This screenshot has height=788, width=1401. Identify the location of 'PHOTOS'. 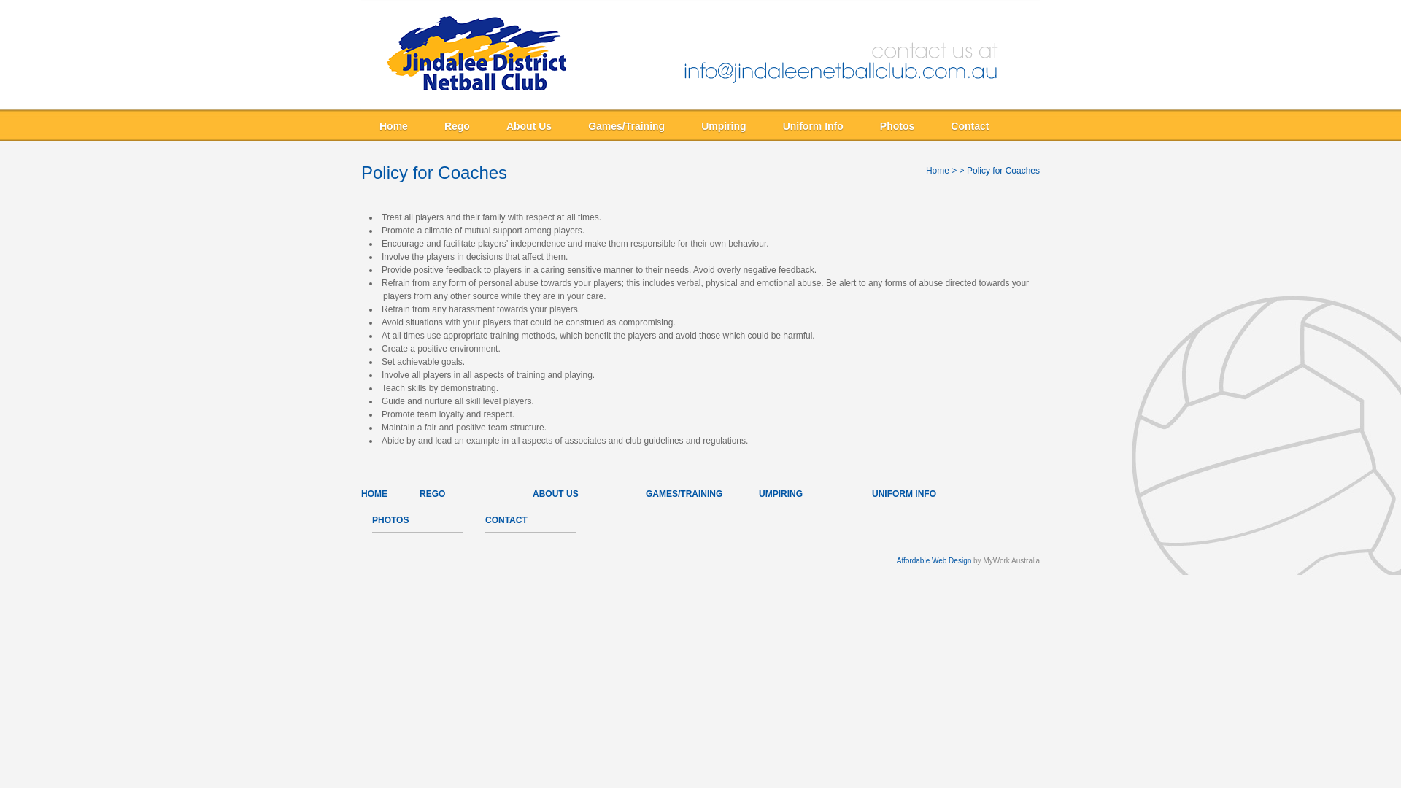
(390, 519).